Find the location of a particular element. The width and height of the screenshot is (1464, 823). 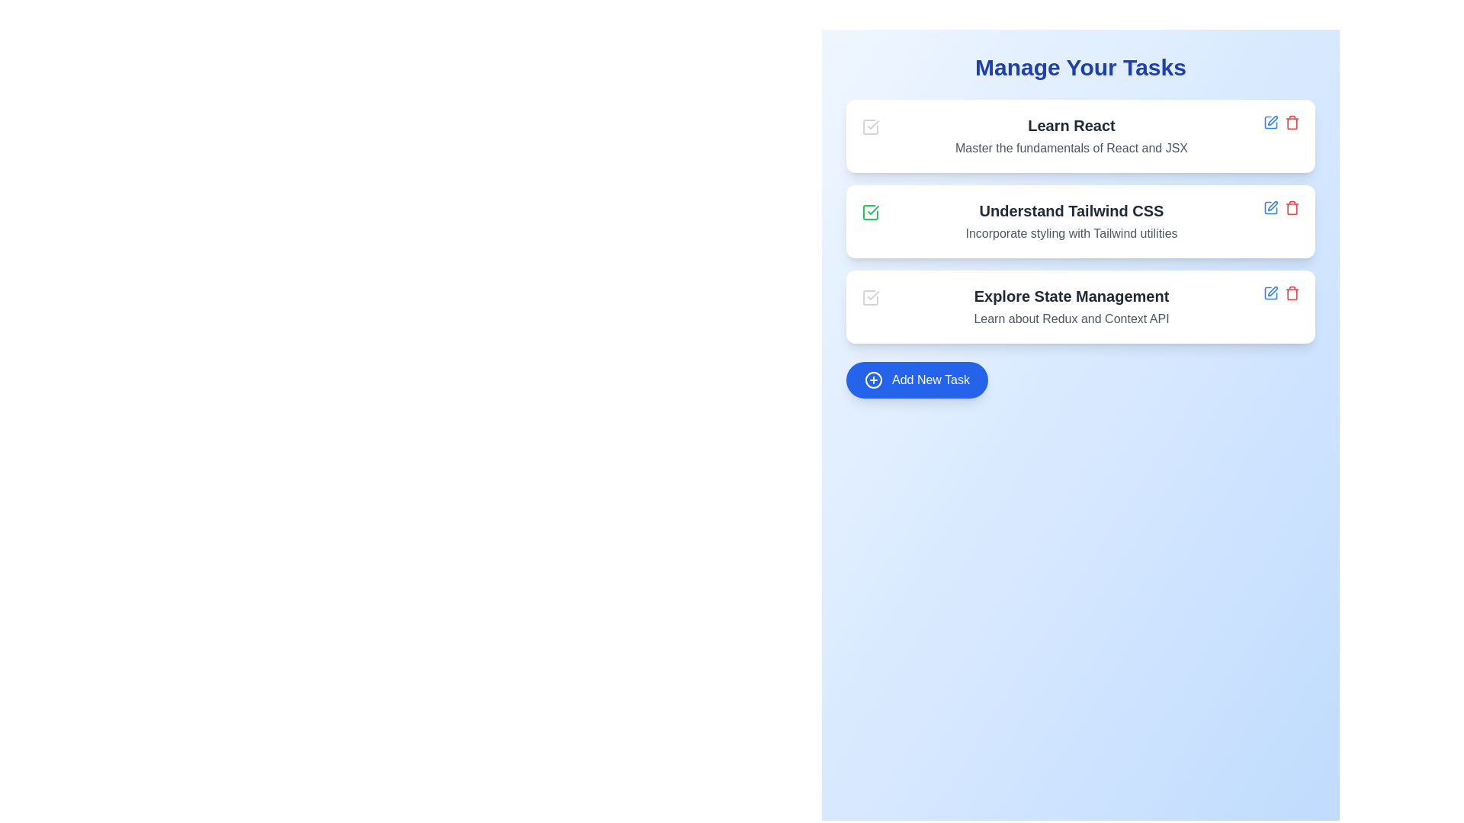

the icon button located at the far right of the first item under 'Manage Your Tasks' is located at coordinates (1270, 122).